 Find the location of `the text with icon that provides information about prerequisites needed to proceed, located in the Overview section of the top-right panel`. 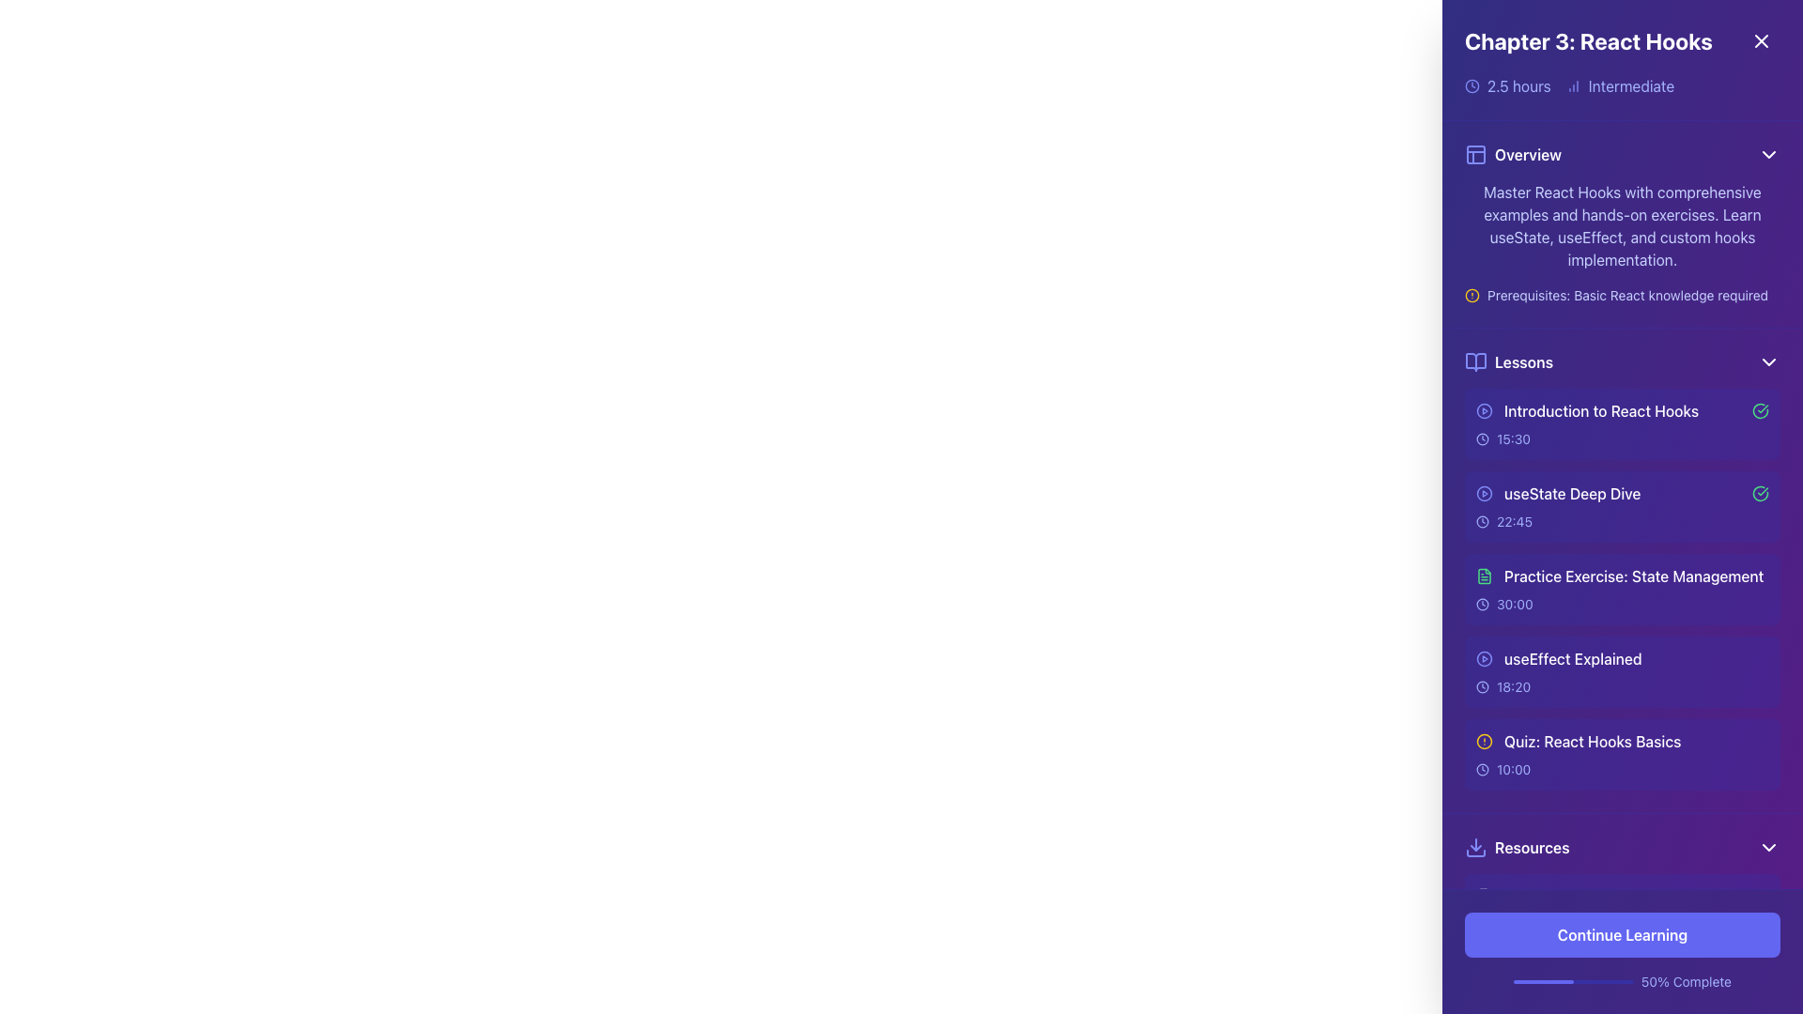

the text with icon that provides information about prerequisites needed to proceed, located in the Overview section of the top-right panel is located at coordinates (1622, 296).